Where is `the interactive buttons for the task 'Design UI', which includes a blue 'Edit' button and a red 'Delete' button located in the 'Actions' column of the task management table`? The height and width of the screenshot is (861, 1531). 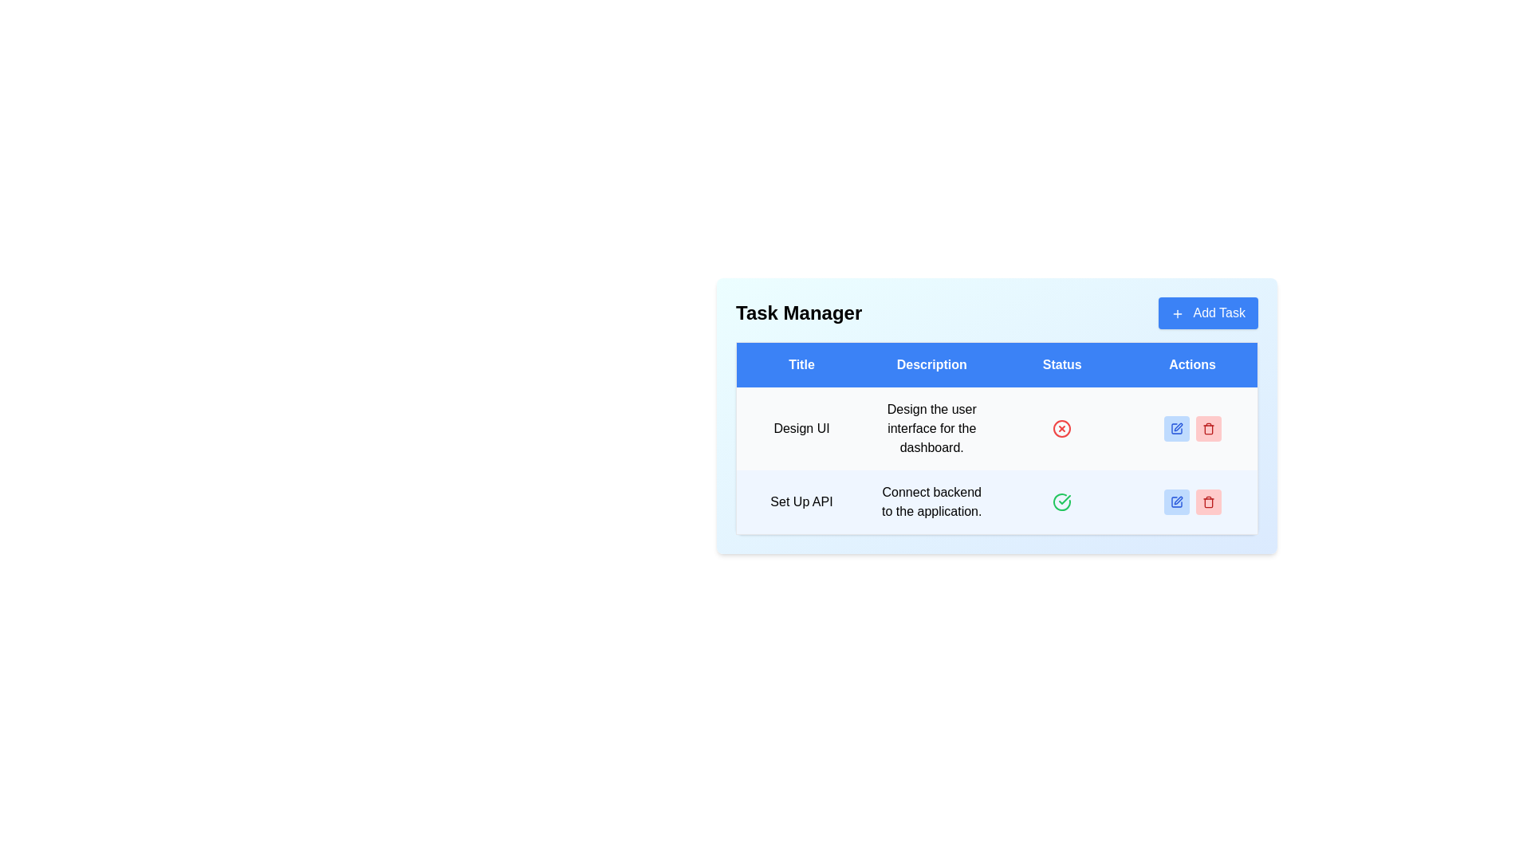
the interactive buttons for the task 'Design UI', which includes a blue 'Edit' button and a red 'Delete' button located in the 'Actions' column of the task management table is located at coordinates (1192, 427).